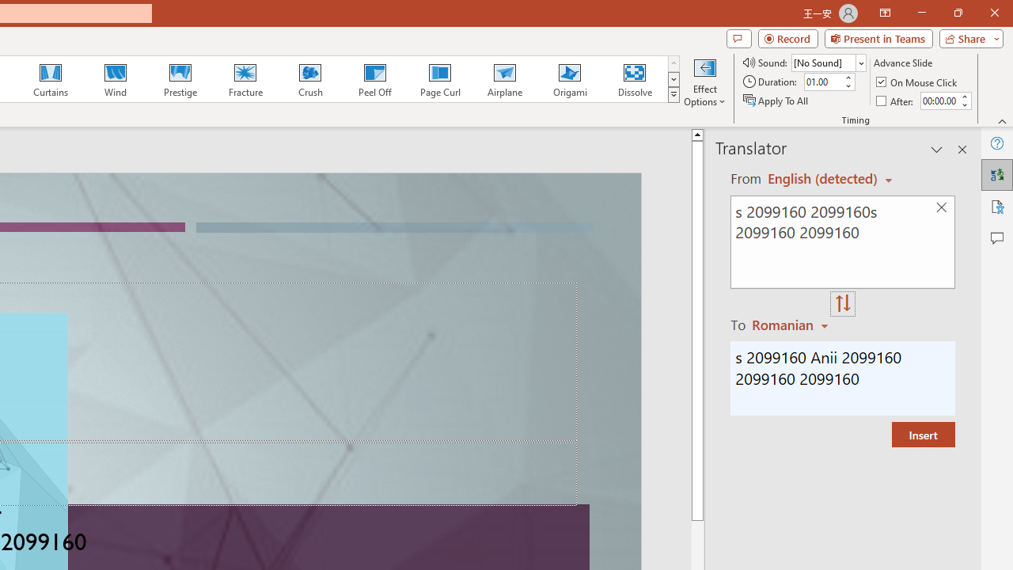 The width and height of the screenshot is (1013, 570). Describe the element at coordinates (635, 79) in the screenshot. I see `'Dissolve'` at that location.